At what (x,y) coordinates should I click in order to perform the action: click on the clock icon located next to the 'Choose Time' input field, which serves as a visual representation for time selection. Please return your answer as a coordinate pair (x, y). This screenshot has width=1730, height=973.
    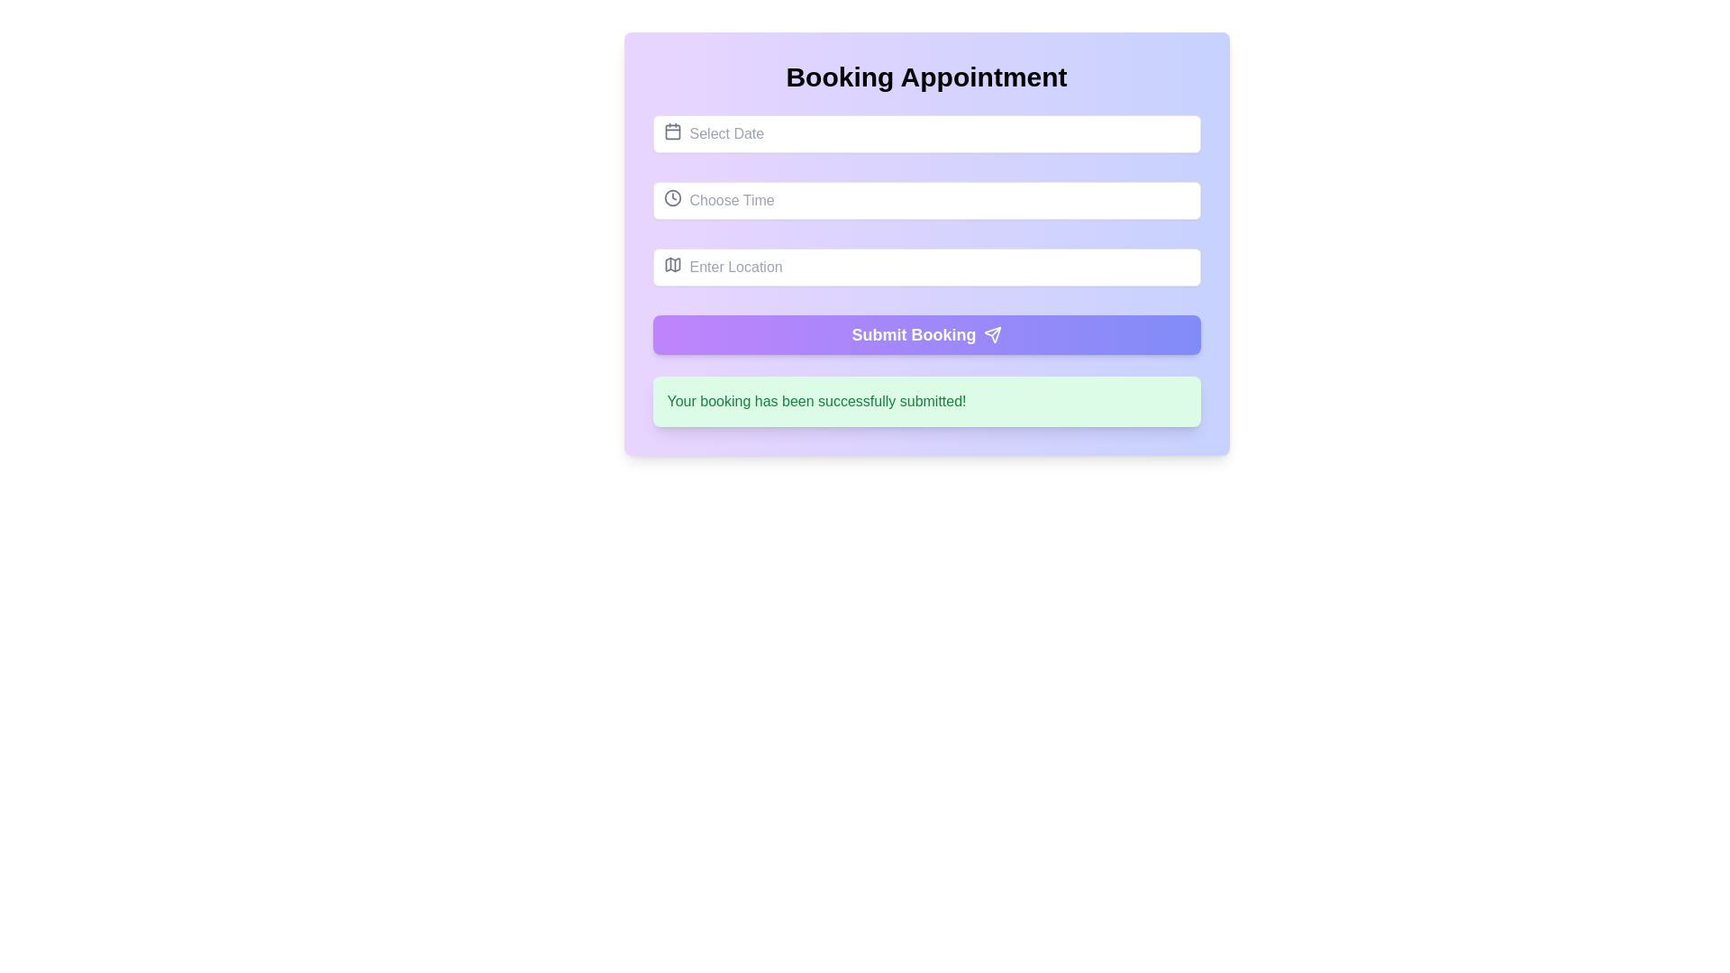
    Looking at the image, I should click on (671, 197).